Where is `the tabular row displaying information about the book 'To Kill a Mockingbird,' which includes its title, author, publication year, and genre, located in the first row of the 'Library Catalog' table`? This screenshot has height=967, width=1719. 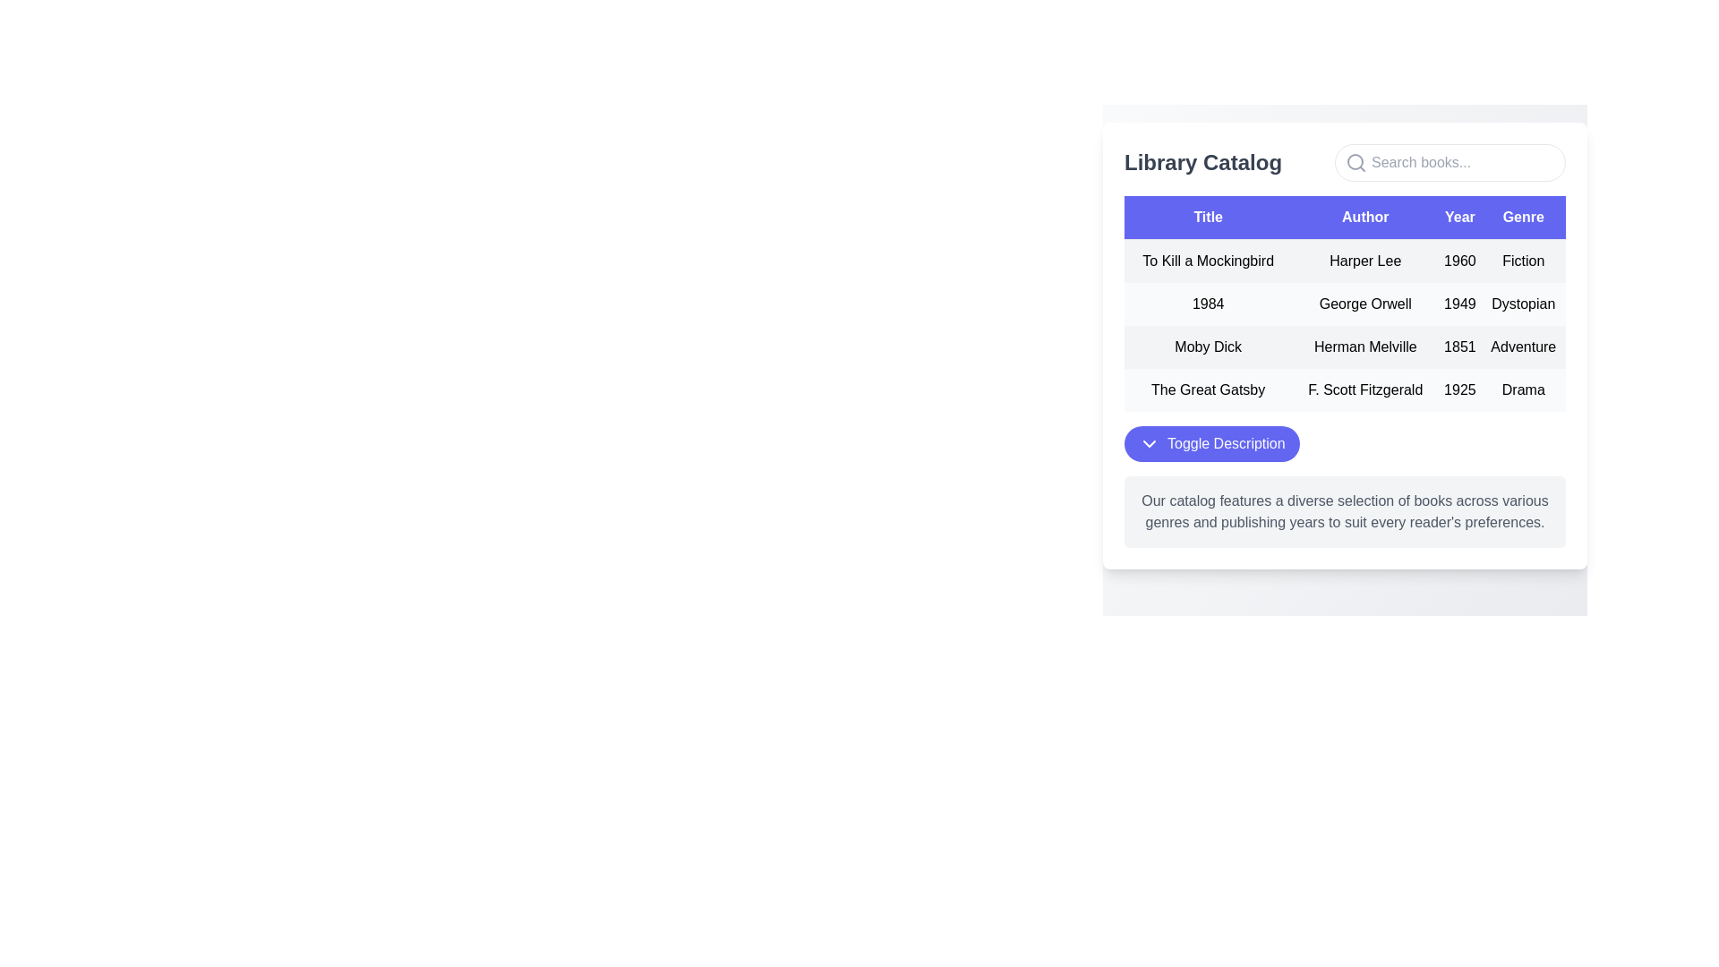 the tabular row displaying information about the book 'To Kill a Mockingbird,' which includes its title, author, publication year, and genre, located in the first row of the 'Library Catalog' table is located at coordinates (1345, 261).